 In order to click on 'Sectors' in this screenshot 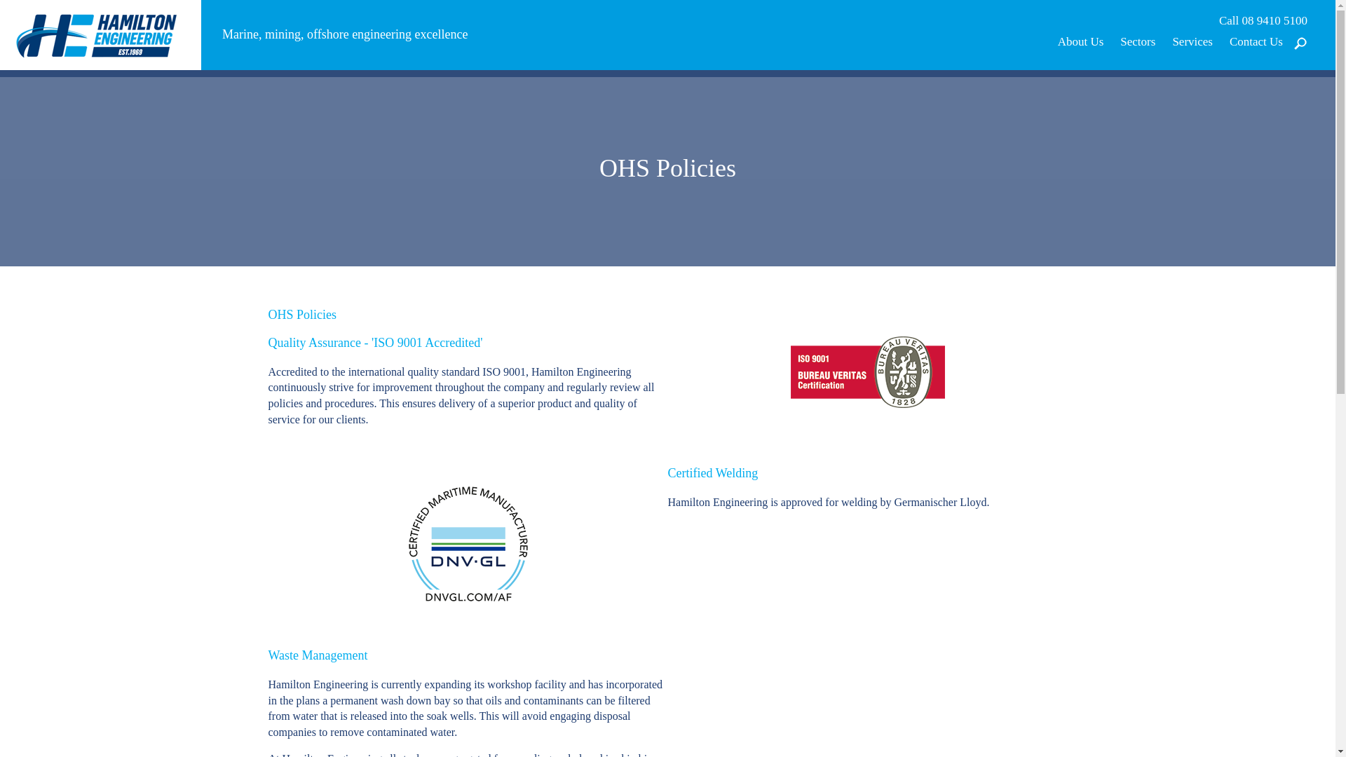, I will do `click(1137, 41)`.